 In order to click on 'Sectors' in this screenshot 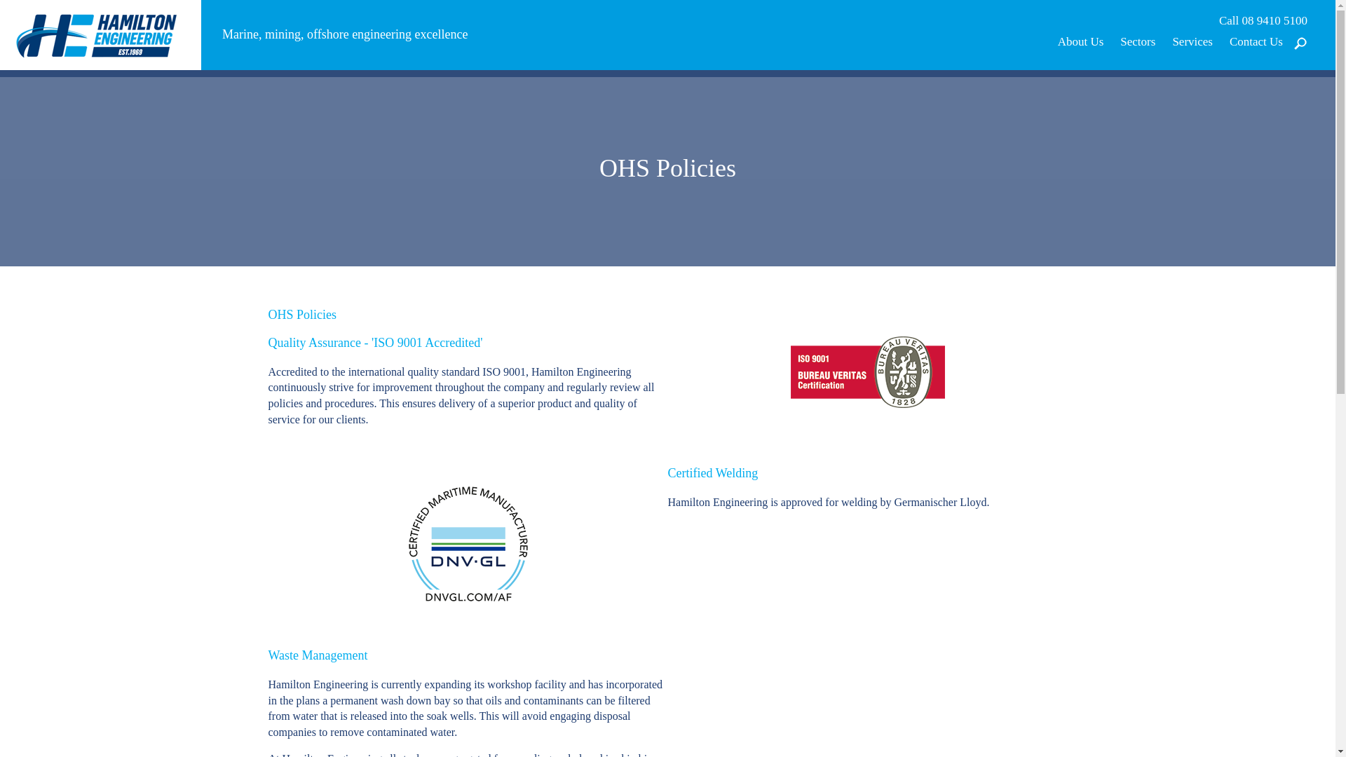, I will do `click(1137, 41)`.